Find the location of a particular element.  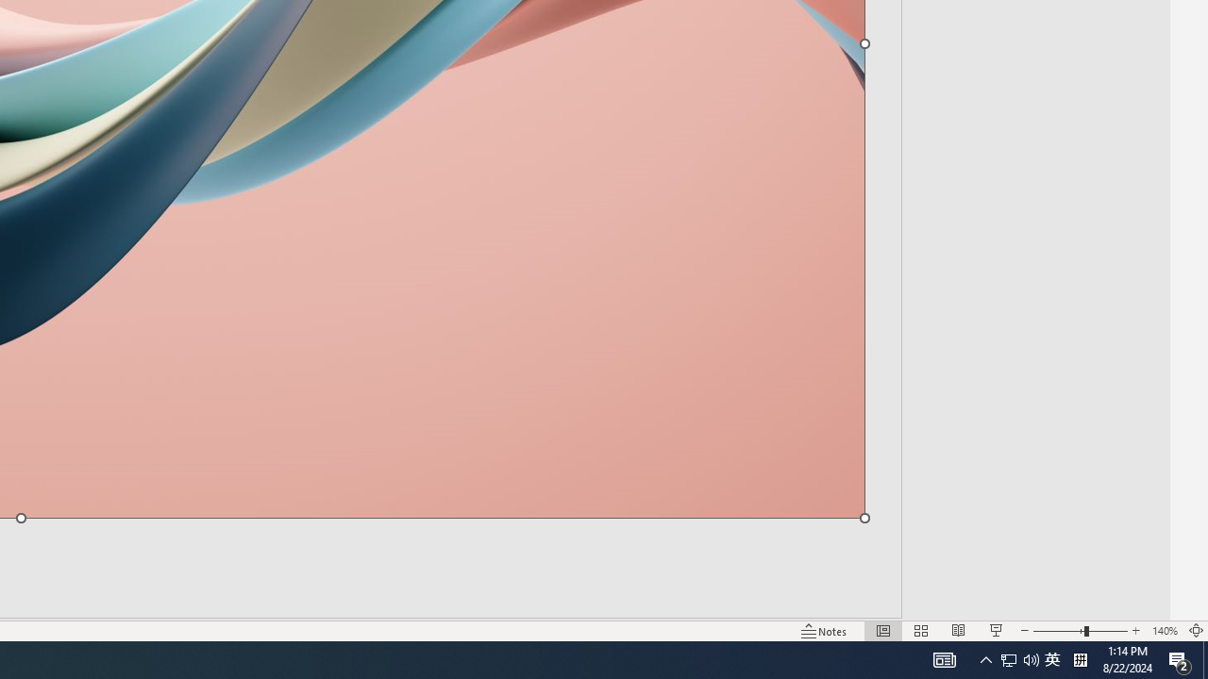

'Zoom' is located at coordinates (1080, 631).